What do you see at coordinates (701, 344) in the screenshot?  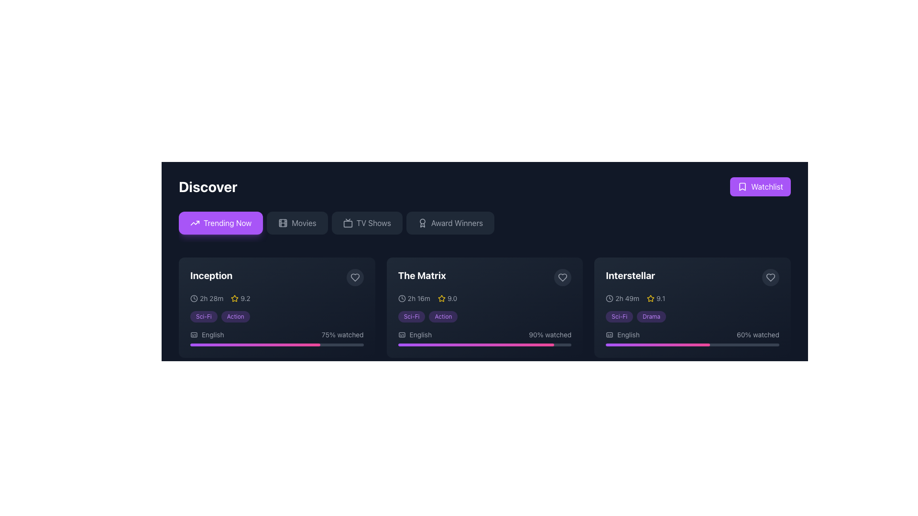 I see `watched progress` at bounding box center [701, 344].